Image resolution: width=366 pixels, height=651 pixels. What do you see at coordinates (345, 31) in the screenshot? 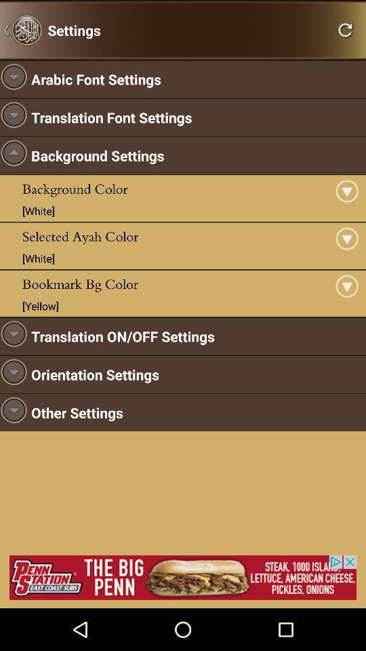
I see `the refresh icon` at bounding box center [345, 31].